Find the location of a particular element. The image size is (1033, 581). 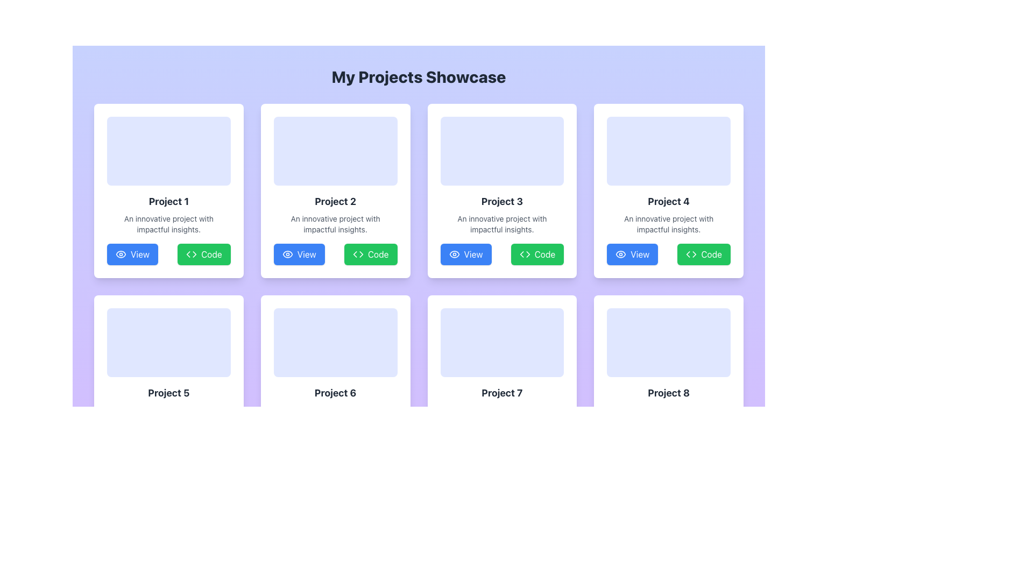

the text label that serves as the title of the project, located inside the first project card in the grid layout, positioned in the top-left section of the grid, immediately below the placeholder image is located at coordinates (168, 201).